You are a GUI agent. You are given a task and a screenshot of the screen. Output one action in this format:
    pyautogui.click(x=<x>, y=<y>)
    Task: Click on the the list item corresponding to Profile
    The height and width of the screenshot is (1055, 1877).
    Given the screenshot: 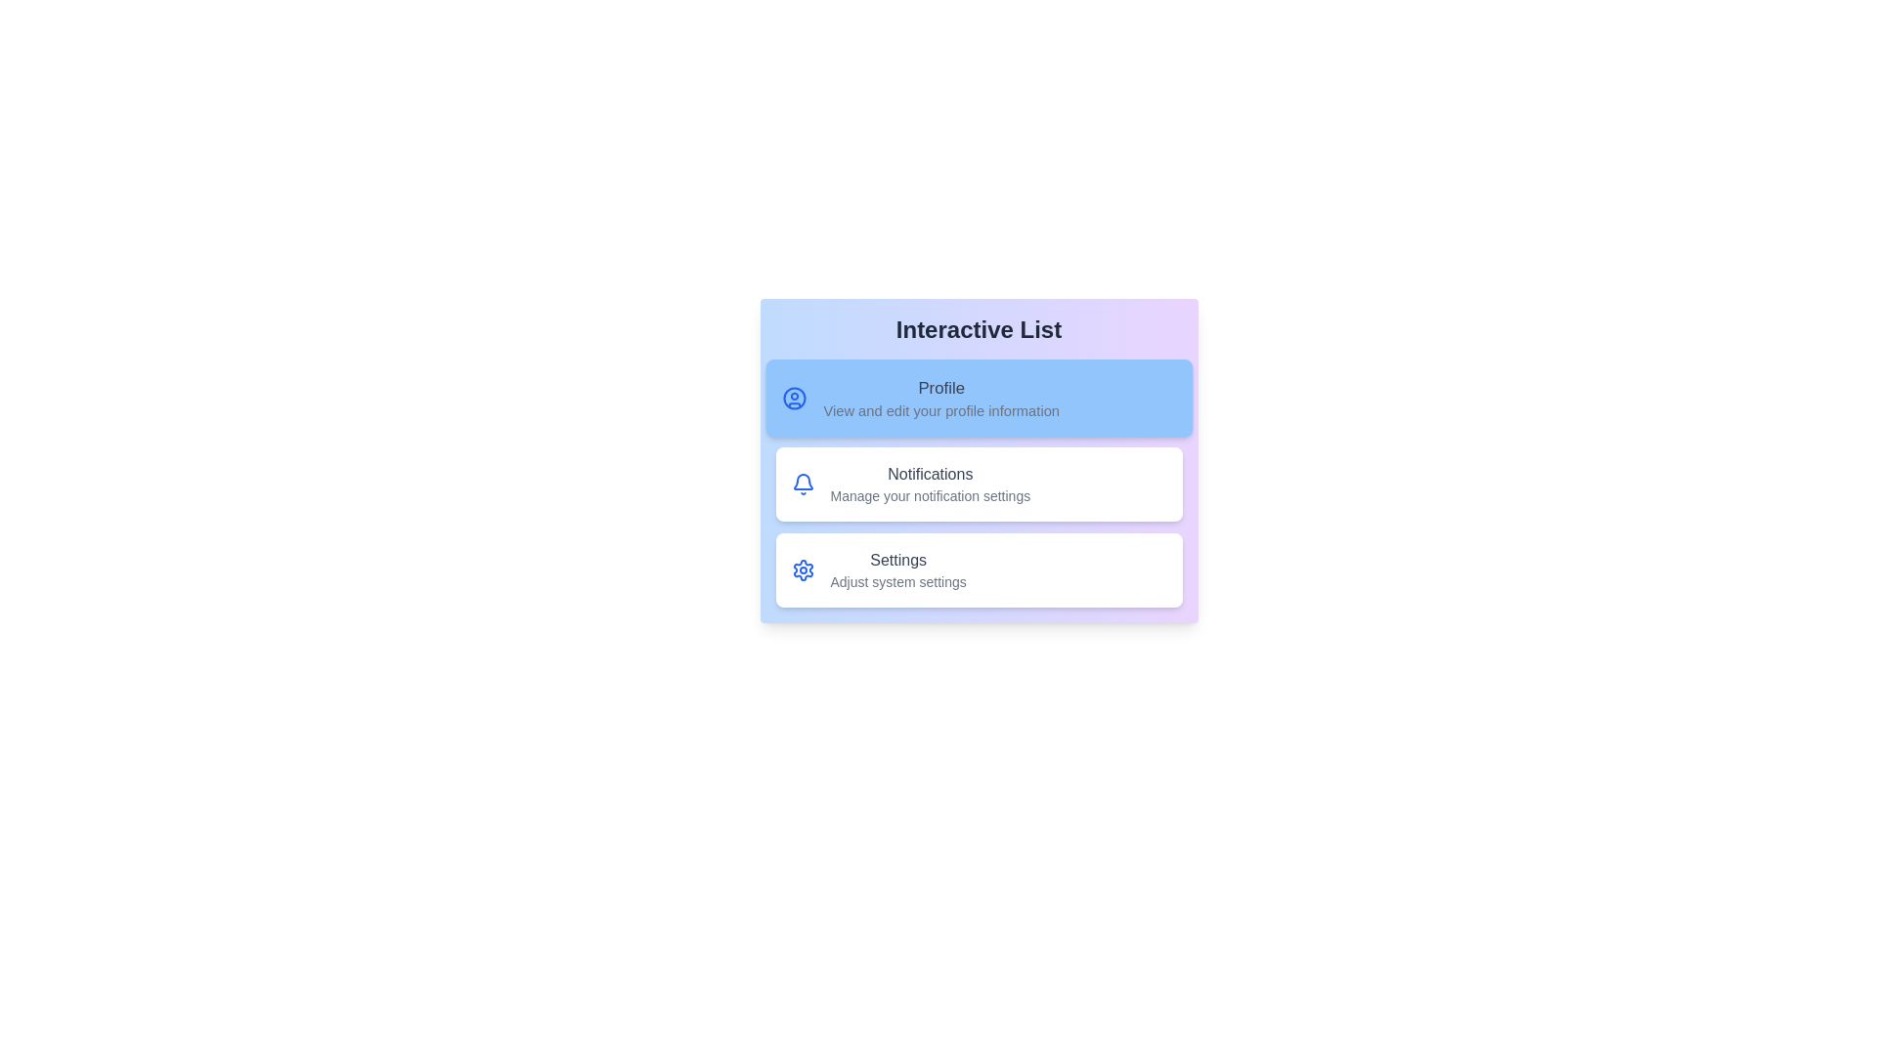 What is the action you would take?
    pyautogui.click(x=979, y=398)
    